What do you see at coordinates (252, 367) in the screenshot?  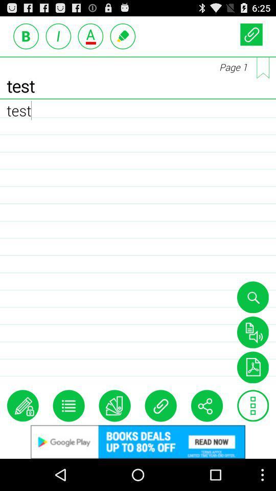 I see `save` at bounding box center [252, 367].